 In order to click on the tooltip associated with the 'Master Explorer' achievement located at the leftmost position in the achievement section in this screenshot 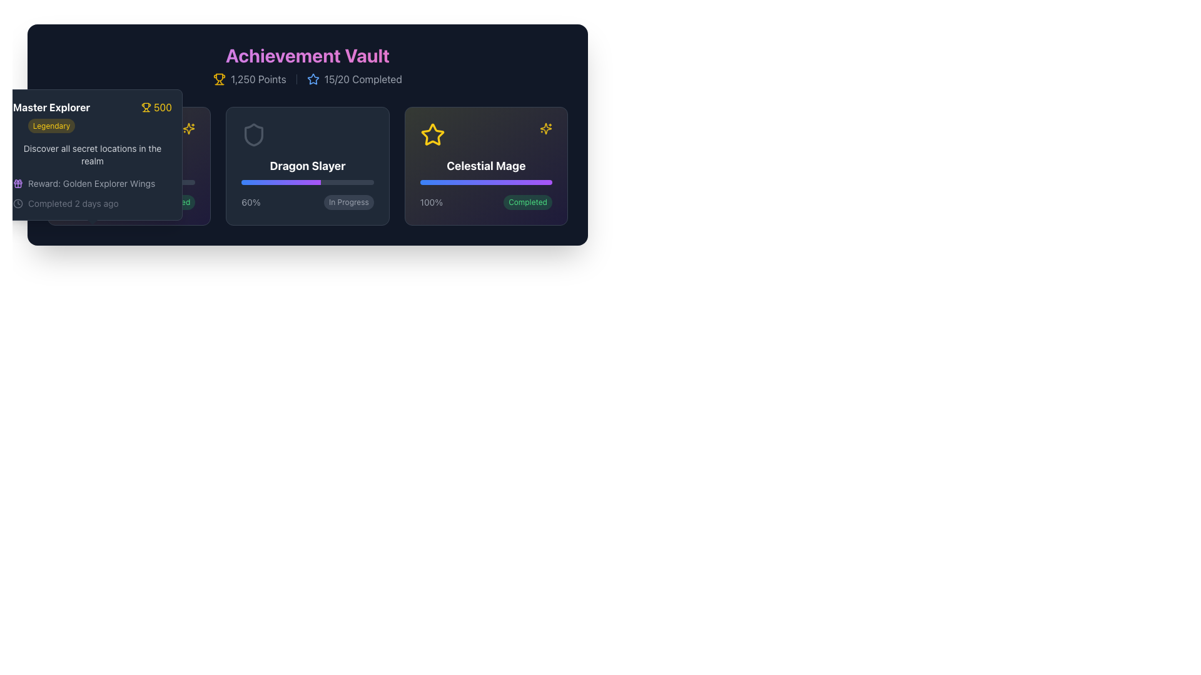, I will do `click(129, 166)`.